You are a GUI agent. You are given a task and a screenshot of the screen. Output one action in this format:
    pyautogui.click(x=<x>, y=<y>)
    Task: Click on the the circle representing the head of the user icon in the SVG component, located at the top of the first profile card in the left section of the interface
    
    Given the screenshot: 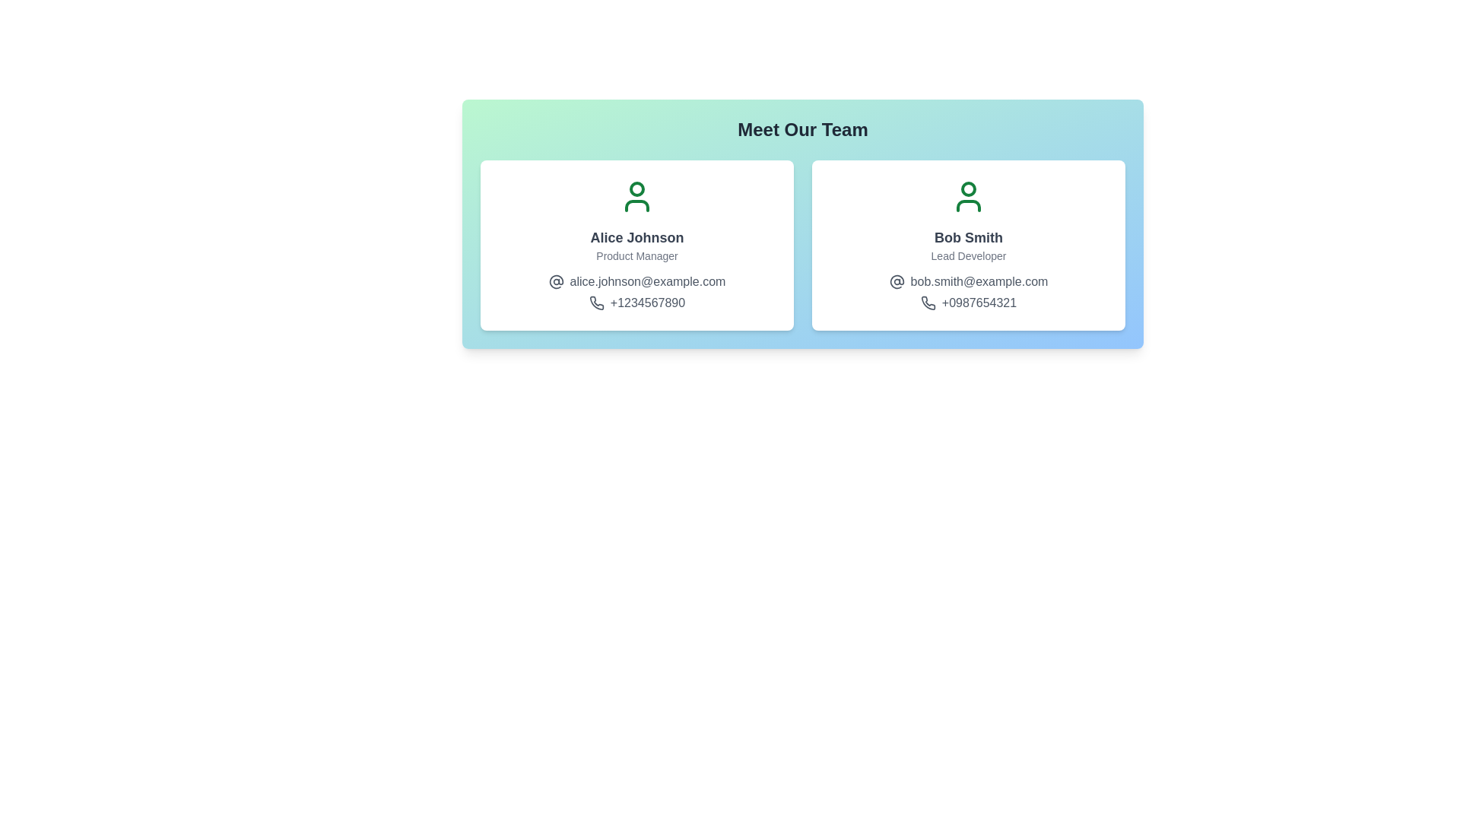 What is the action you would take?
    pyautogui.click(x=637, y=189)
    